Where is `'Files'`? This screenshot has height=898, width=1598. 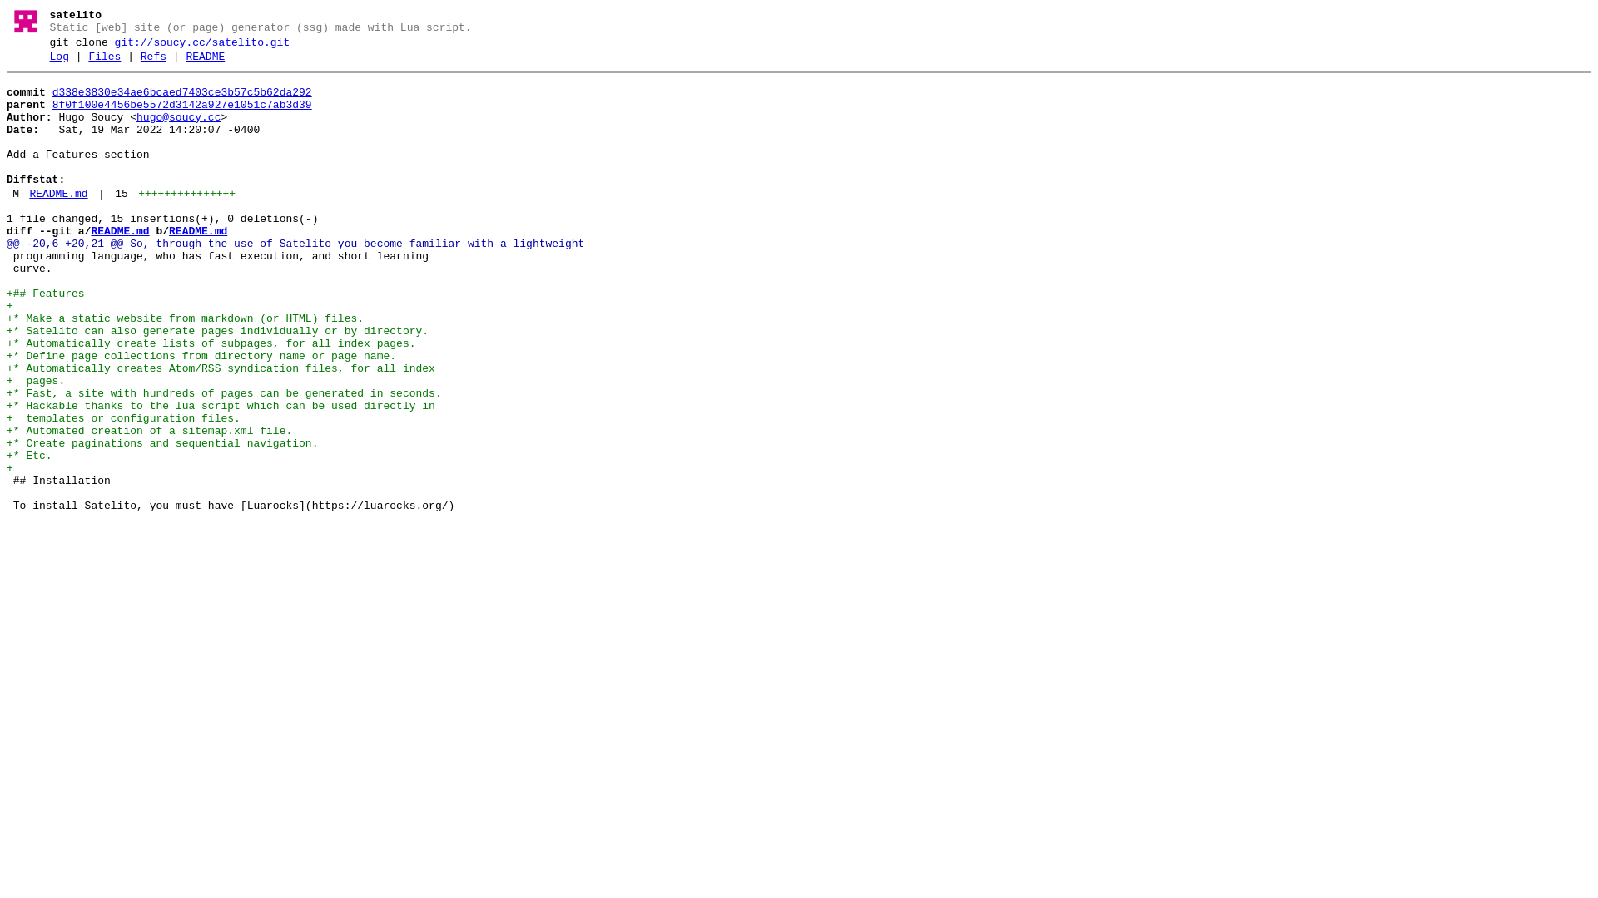 'Files' is located at coordinates (103, 56).